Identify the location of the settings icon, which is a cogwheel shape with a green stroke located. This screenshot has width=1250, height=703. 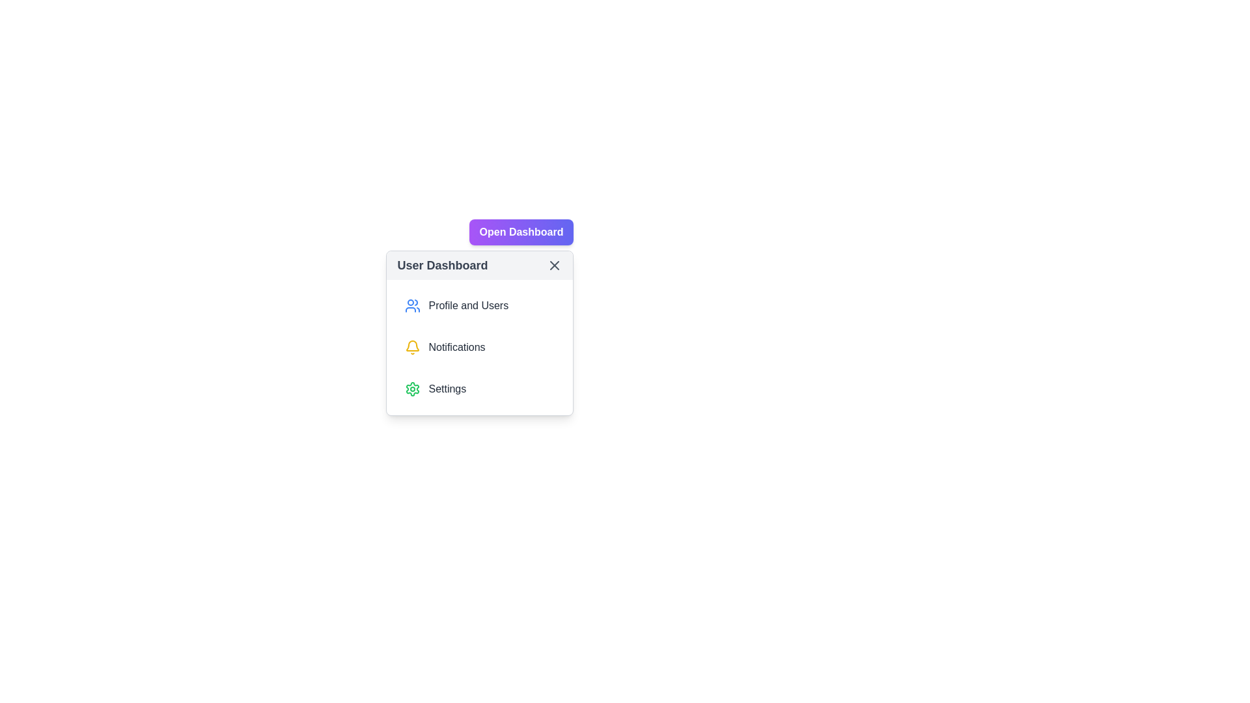
(412, 388).